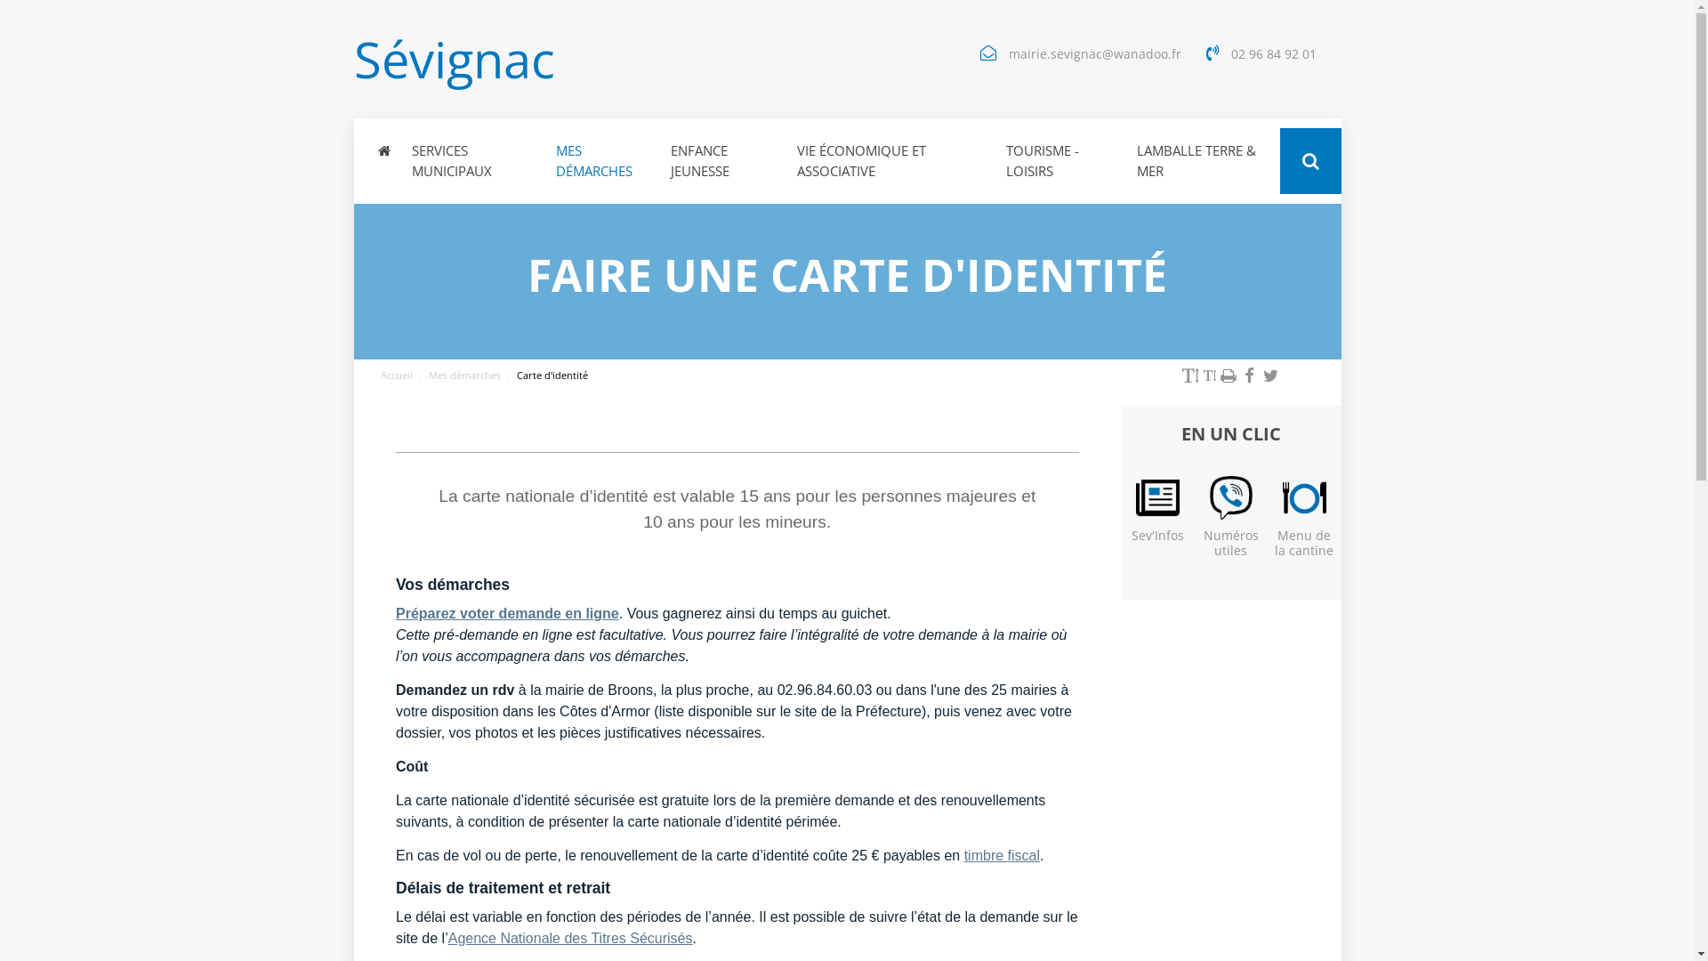 Image resolution: width=1708 pixels, height=961 pixels. I want to click on 'ENFANCE JEUNESSE', so click(722, 161).